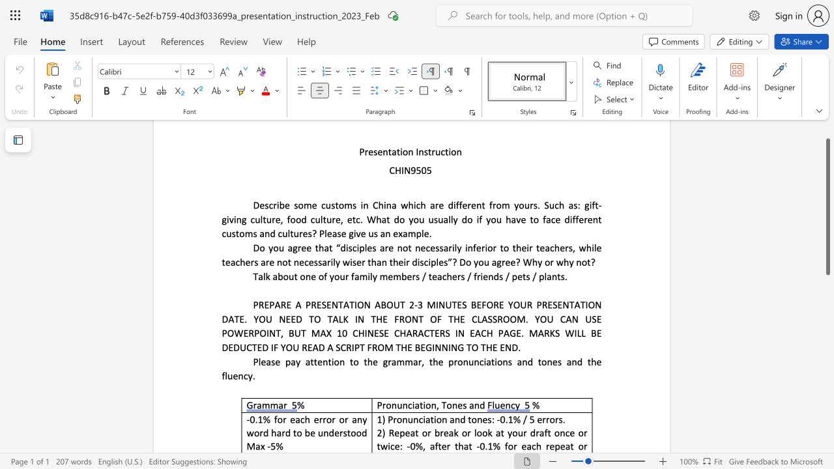  I want to click on the subset text "d hard to be understoo" within the text "-0.1% for each error or any word hard to be understood Max -5%", so click(262, 433).